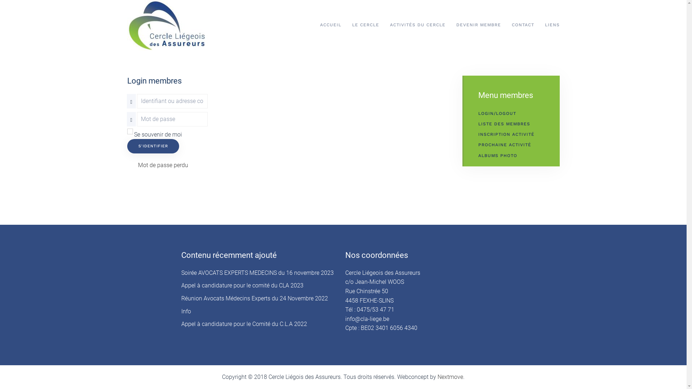 Image resolution: width=692 pixels, height=389 pixels. What do you see at coordinates (551, 24) in the screenshot?
I see `'LIENS'` at bounding box center [551, 24].